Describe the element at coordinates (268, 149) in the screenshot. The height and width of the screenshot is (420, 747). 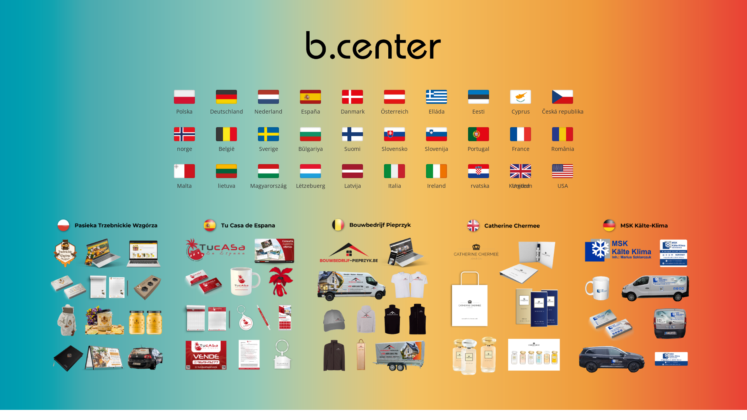
I see `'Sverige'` at that location.